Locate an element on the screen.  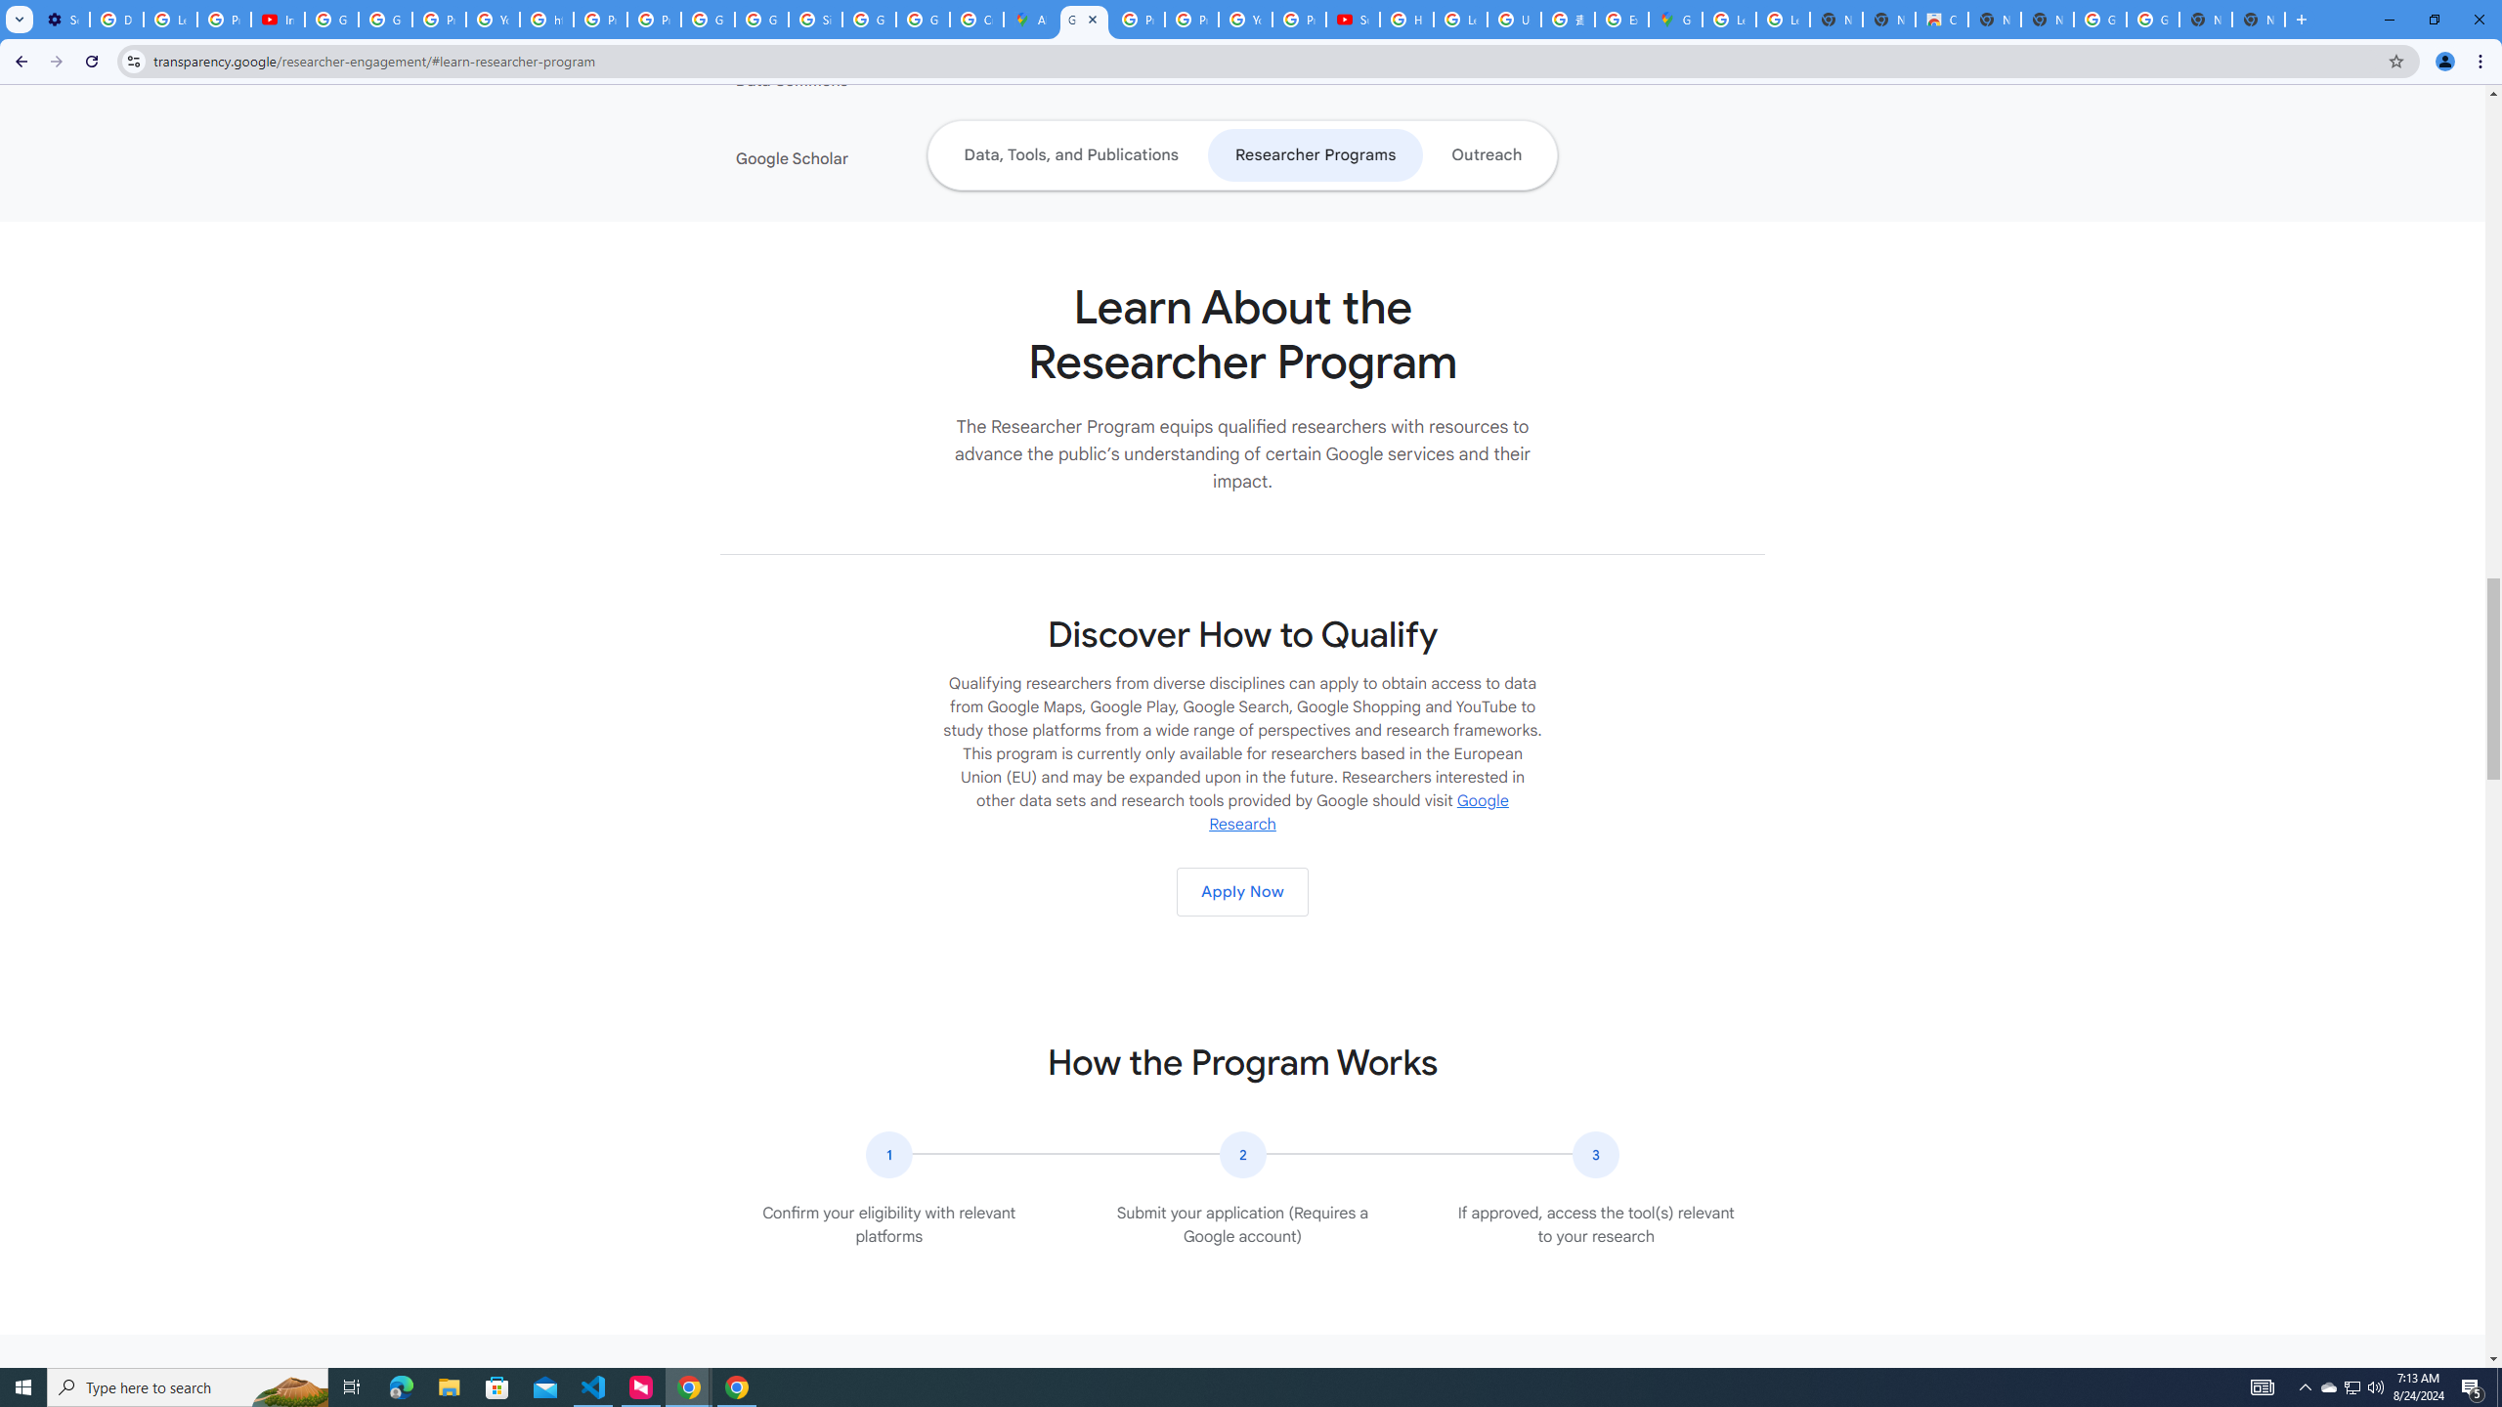
'Google Scholar' is located at coordinates (855, 157).